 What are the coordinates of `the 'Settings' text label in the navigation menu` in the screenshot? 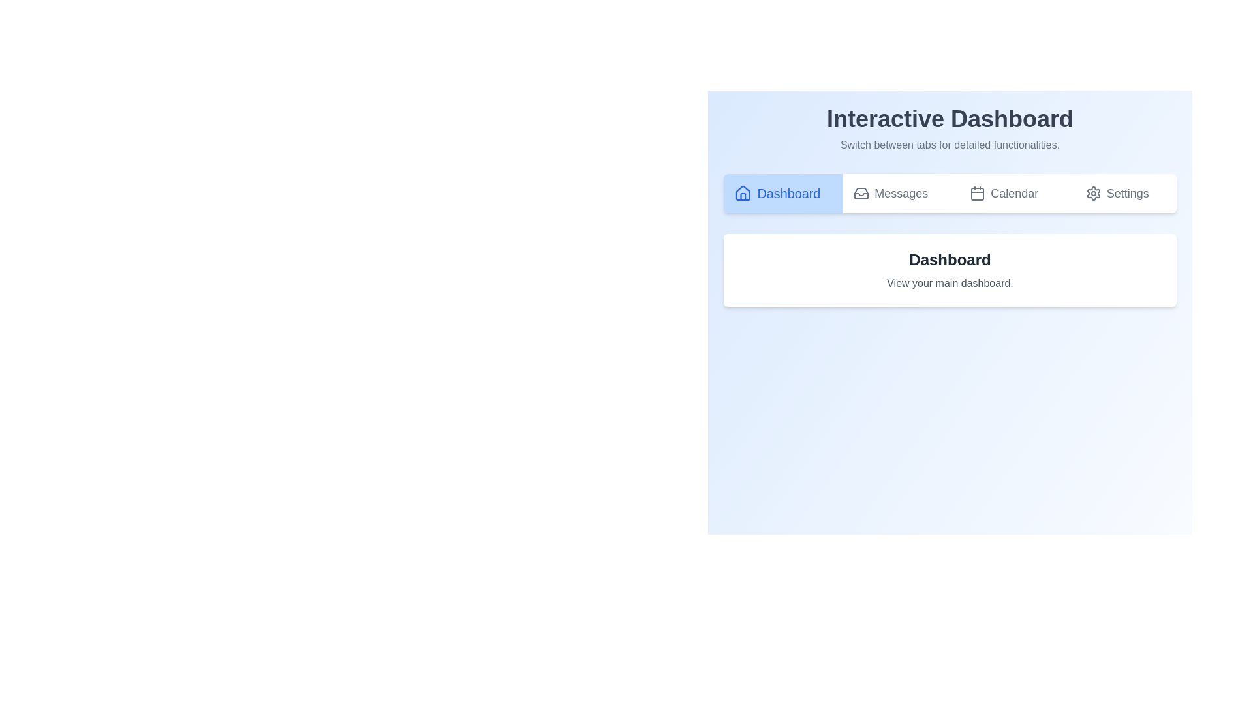 It's located at (1127, 194).